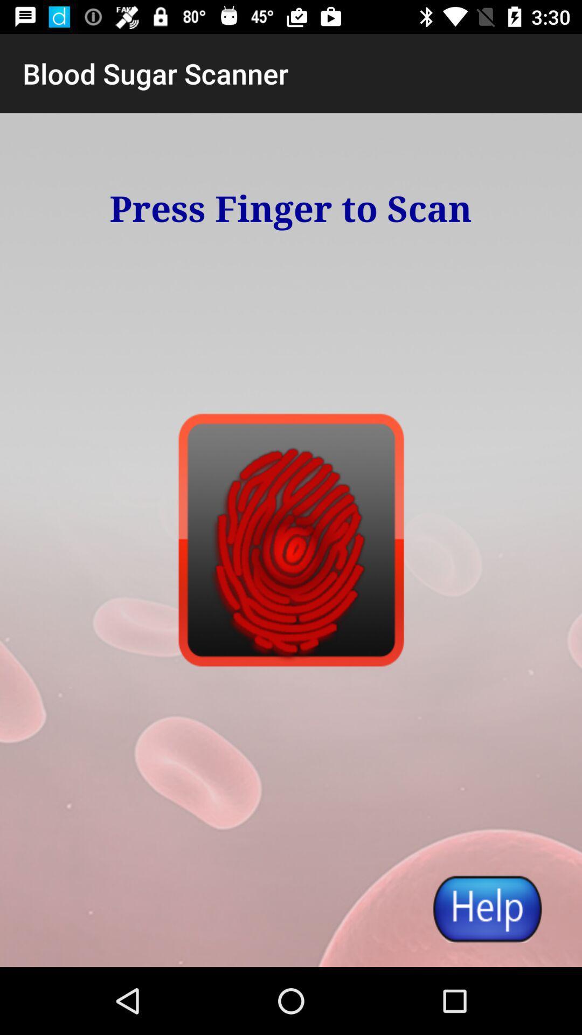  Describe the element at coordinates (487, 908) in the screenshot. I see `request help` at that location.